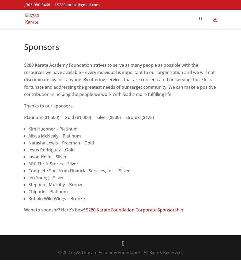 The width and height of the screenshot is (241, 268). What do you see at coordinates (120, 252) in the screenshot?
I see `'© 2023 5280 Karate Academy Foundation. All Rights Reserved.'` at bounding box center [120, 252].